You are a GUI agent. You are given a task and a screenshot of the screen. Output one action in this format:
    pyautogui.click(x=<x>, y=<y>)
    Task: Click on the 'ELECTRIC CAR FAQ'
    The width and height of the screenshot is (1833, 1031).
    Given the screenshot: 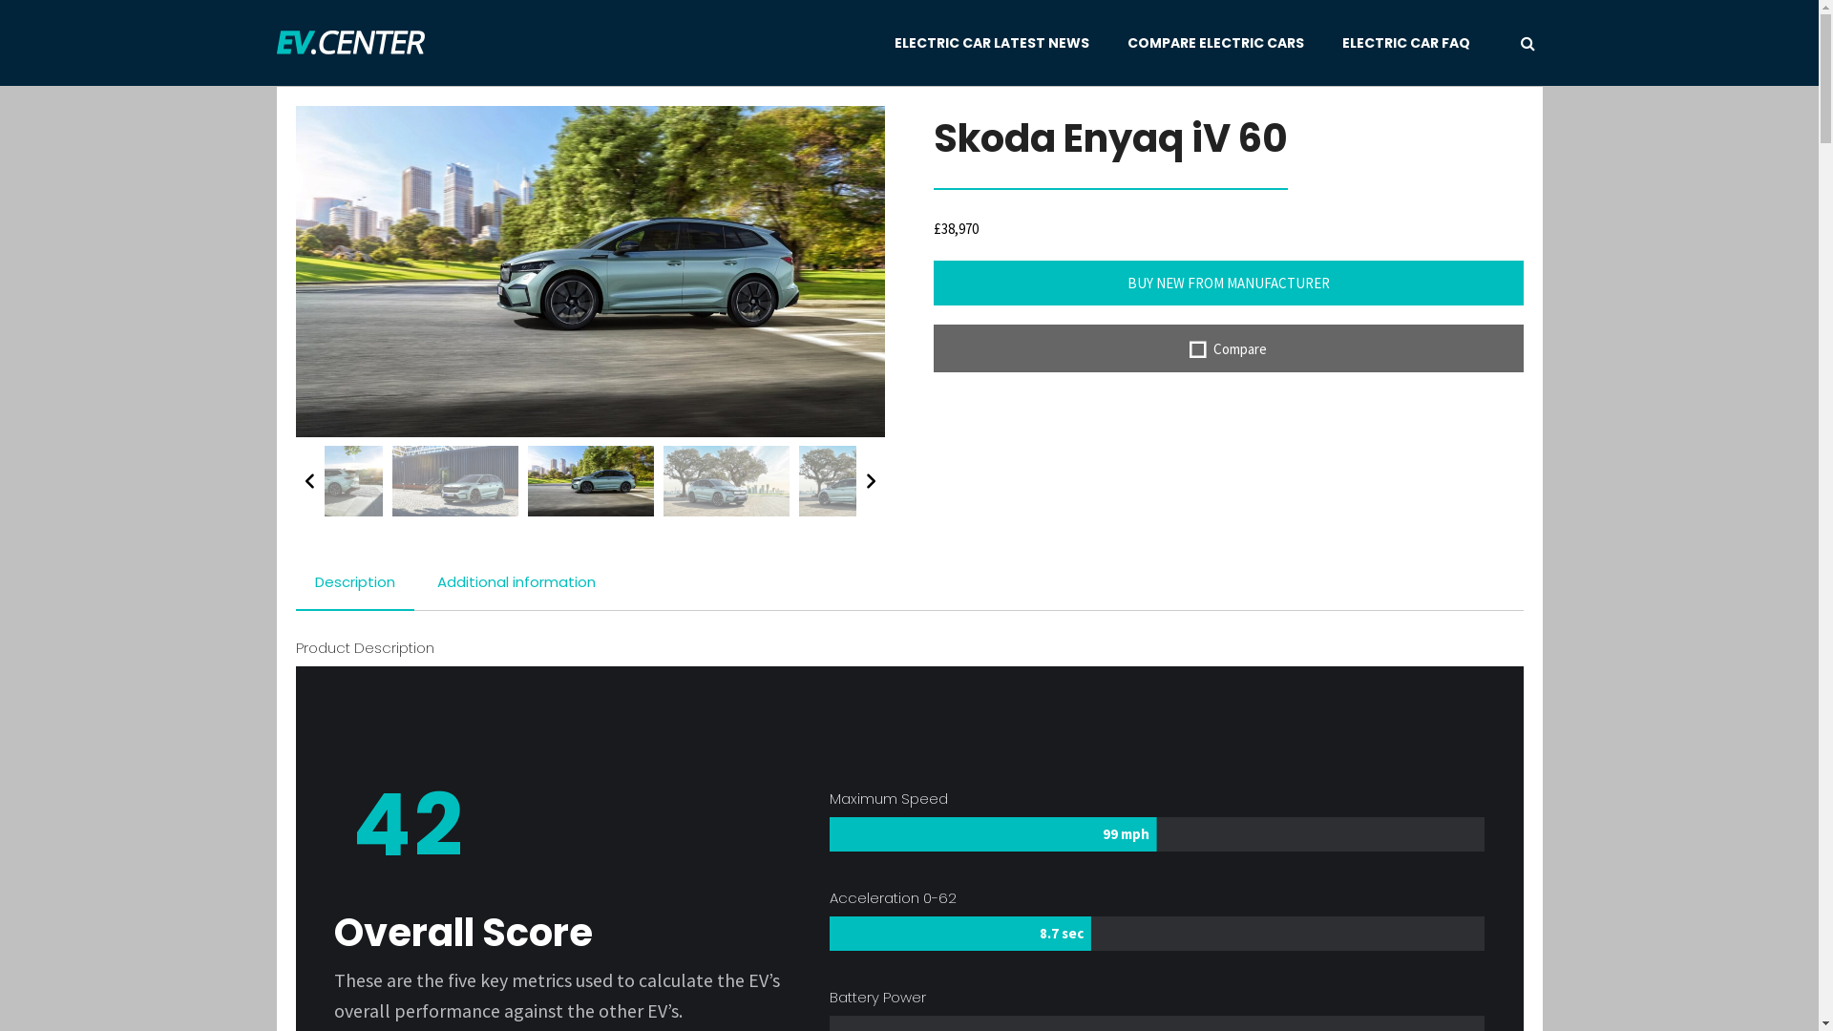 What is the action you would take?
    pyautogui.click(x=1341, y=43)
    